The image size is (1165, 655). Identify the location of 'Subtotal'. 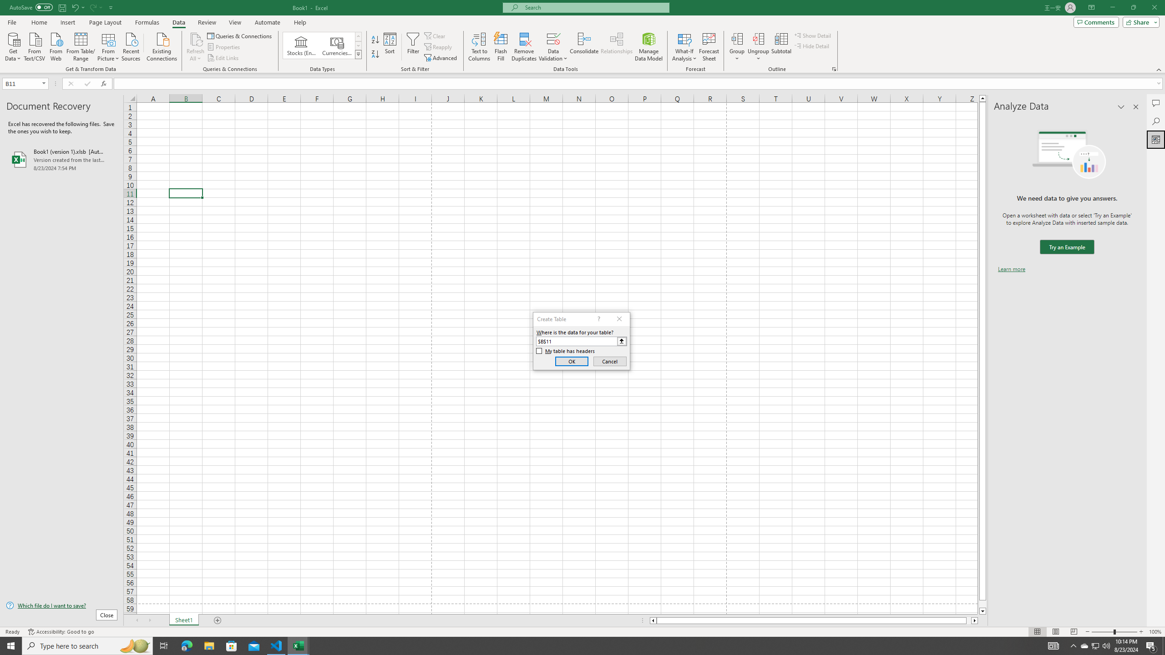
(781, 47).